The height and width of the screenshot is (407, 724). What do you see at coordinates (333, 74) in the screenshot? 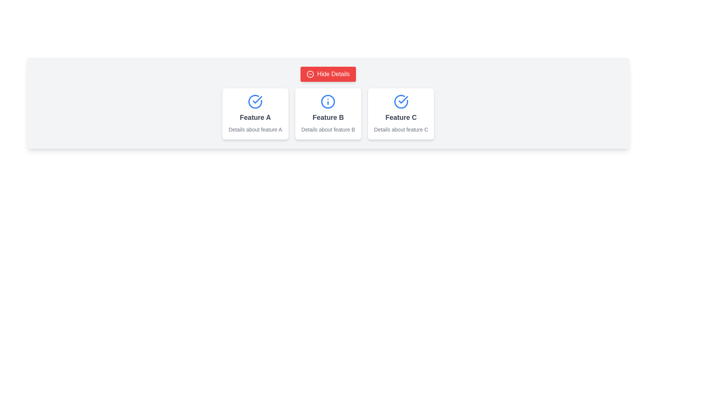
I see `the 'Hide Details' button, which is a text label styled in white on a red background` at bounding box center [333, 74].